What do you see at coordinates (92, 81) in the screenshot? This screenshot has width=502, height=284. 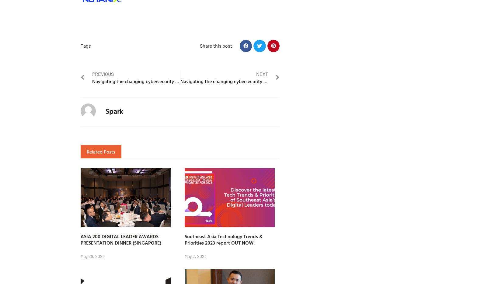 I see `'Navigating the changing cybersecurity threat landscape : Perspectives from IT leaders in Singapore'` at bounding box center [92, 81].